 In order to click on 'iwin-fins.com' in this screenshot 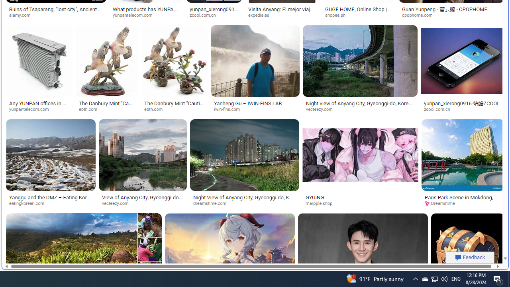, I will do `click(229, 109)`.